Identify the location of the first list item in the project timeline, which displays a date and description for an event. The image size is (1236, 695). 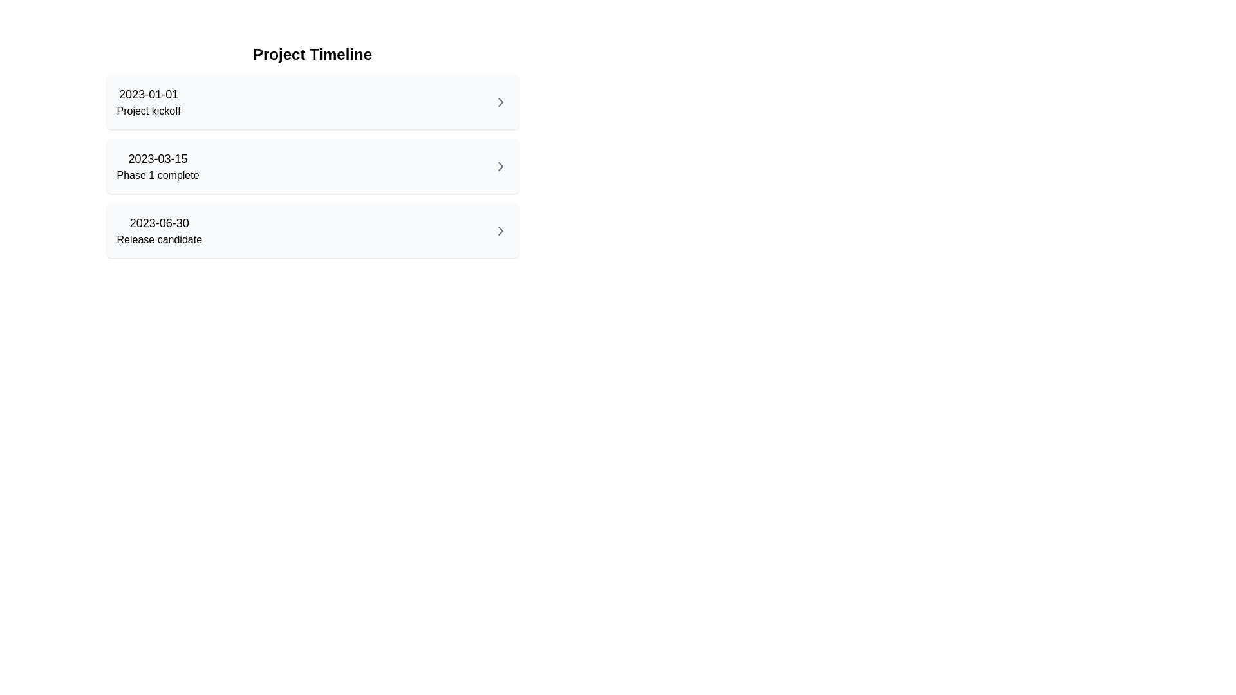
(312, 101).